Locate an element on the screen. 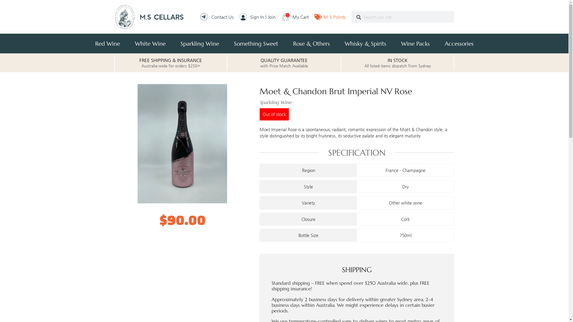  'Accessories' is located at coordinates (458, 43).